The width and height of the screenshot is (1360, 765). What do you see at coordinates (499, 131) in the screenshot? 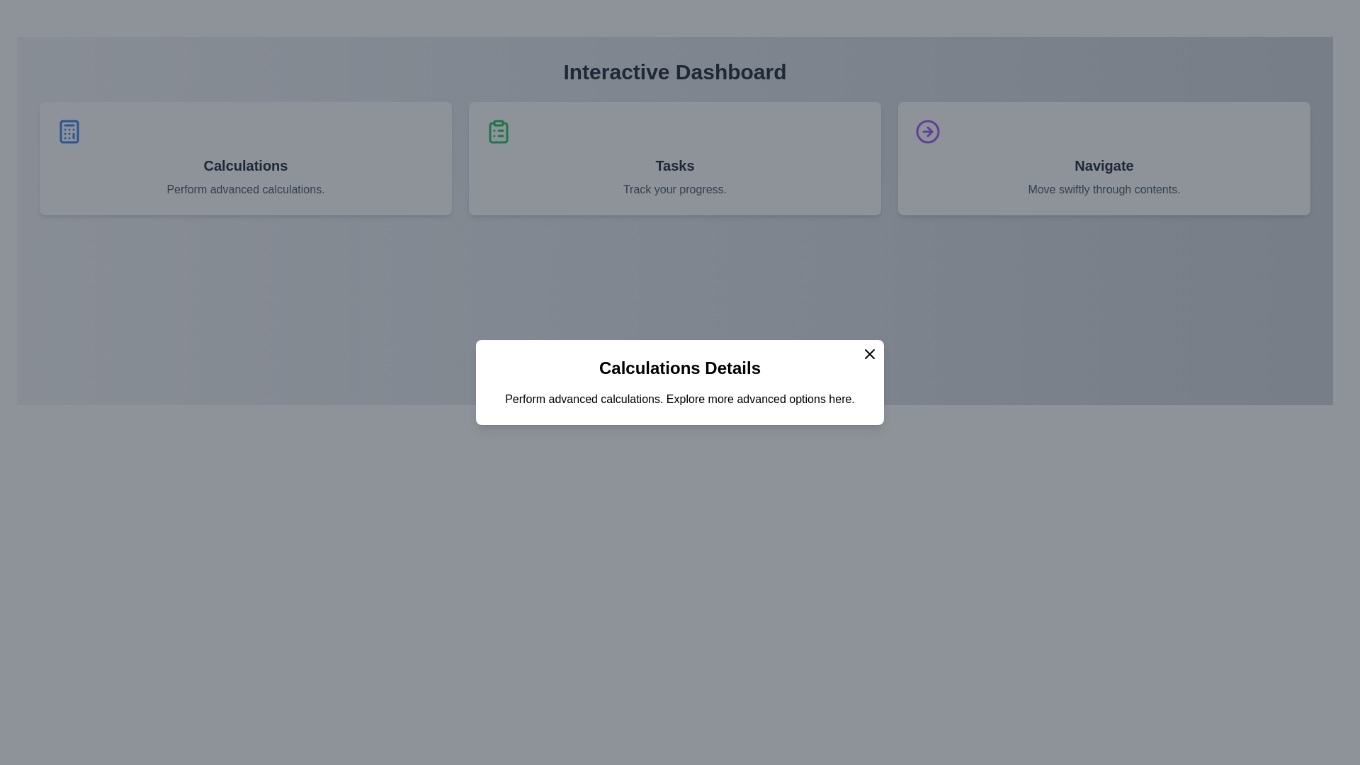
I see `the task icon located at the top-left corner of the 'Tasks' card, which represents tasks or to-do lists` at bounding box center [499, 131].